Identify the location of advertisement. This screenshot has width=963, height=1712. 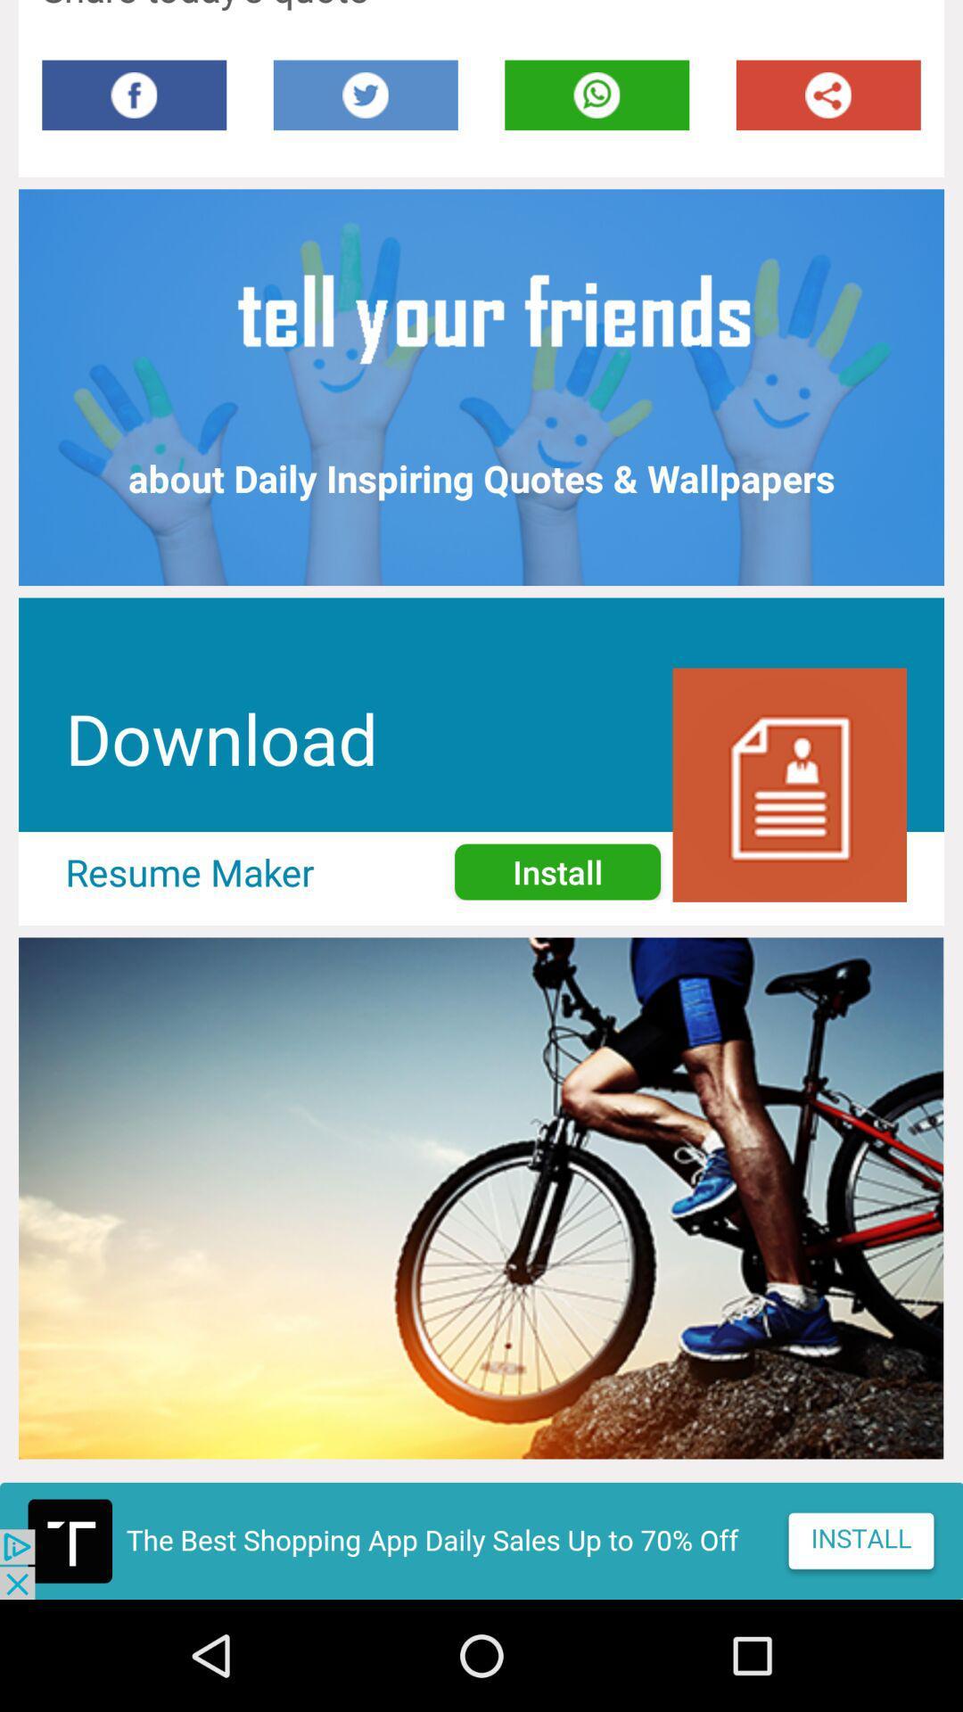
(481, 1540).